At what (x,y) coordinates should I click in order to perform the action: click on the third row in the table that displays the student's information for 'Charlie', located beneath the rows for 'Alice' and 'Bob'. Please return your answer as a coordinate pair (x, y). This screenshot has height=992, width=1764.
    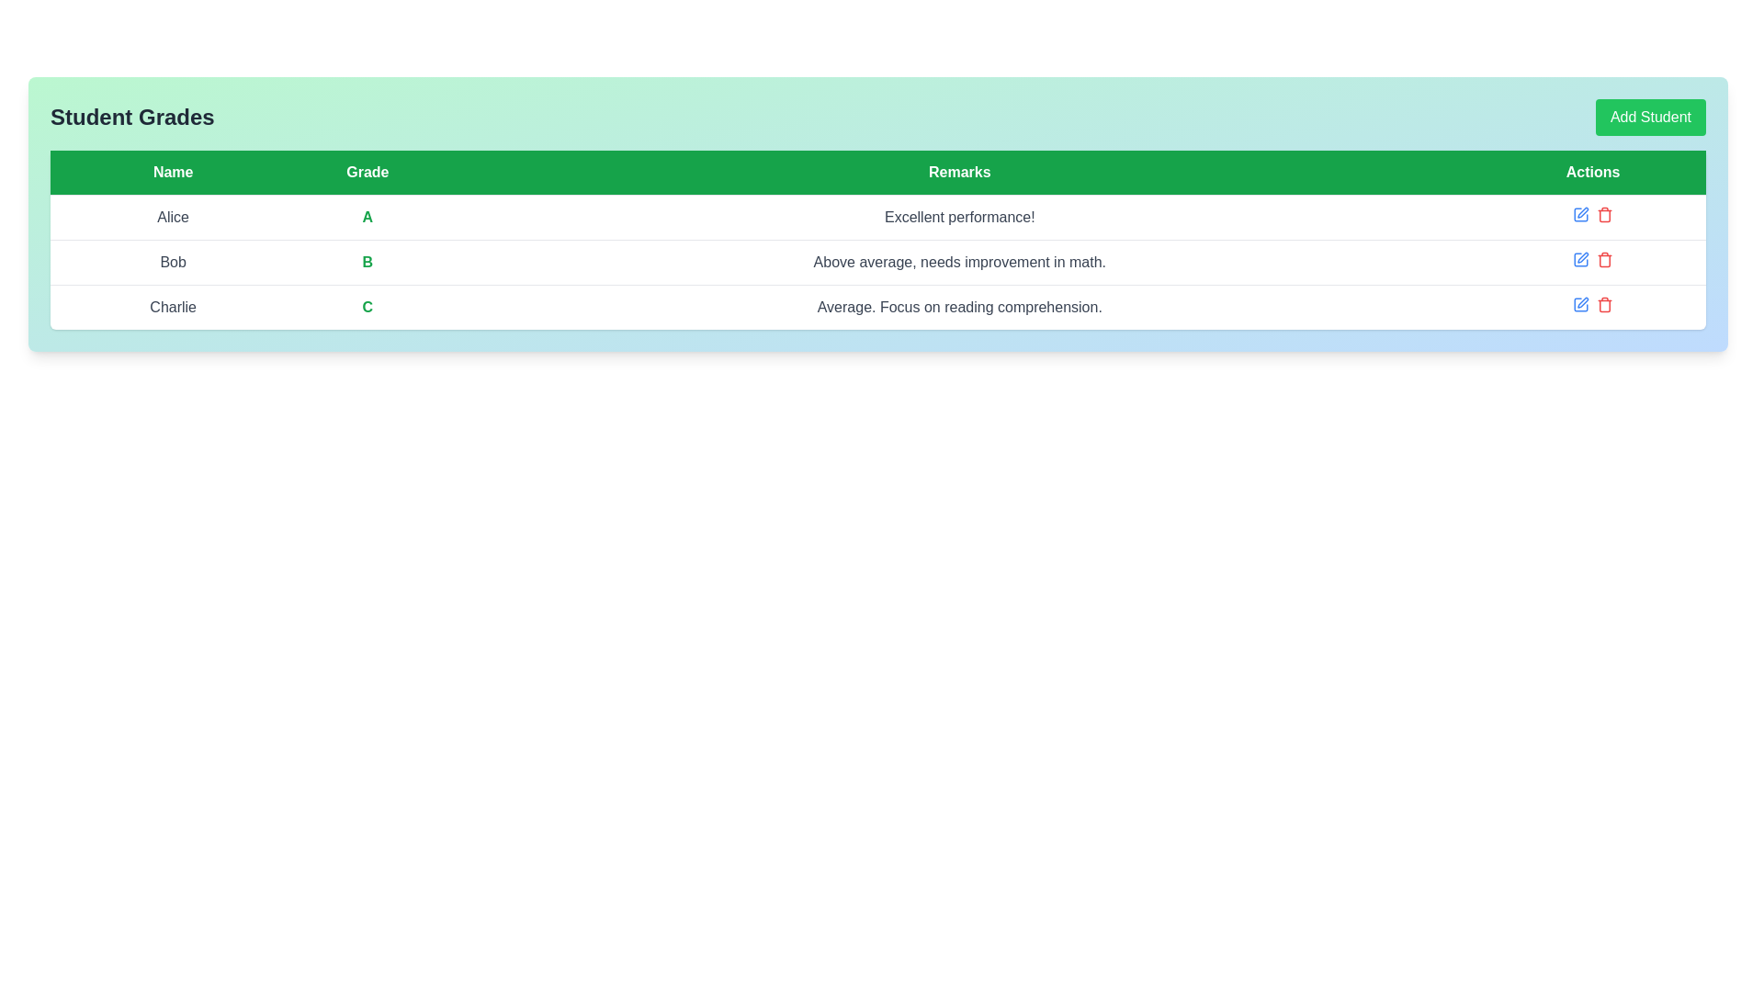
    Looking at the image, I should click on (876, 306).